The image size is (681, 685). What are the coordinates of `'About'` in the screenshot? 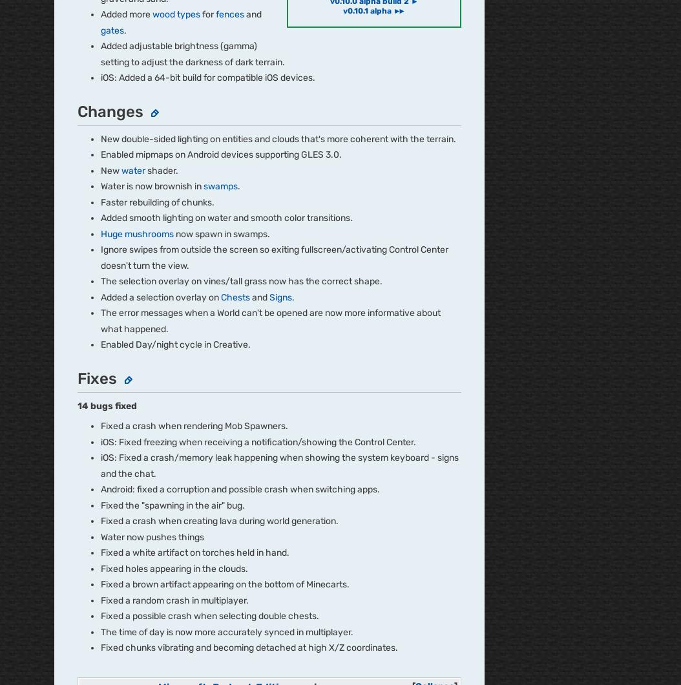 It's located at (65, 326).